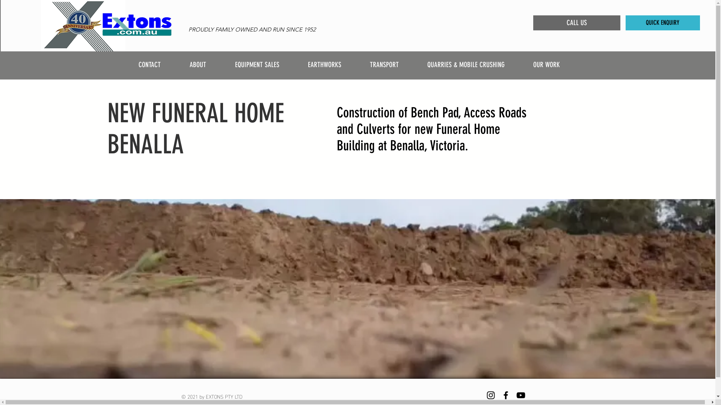 The image size is (721, 405). Describe the element at coordinates (555, 64) in the screenshot. I see `'OUR WORK'` at that location.